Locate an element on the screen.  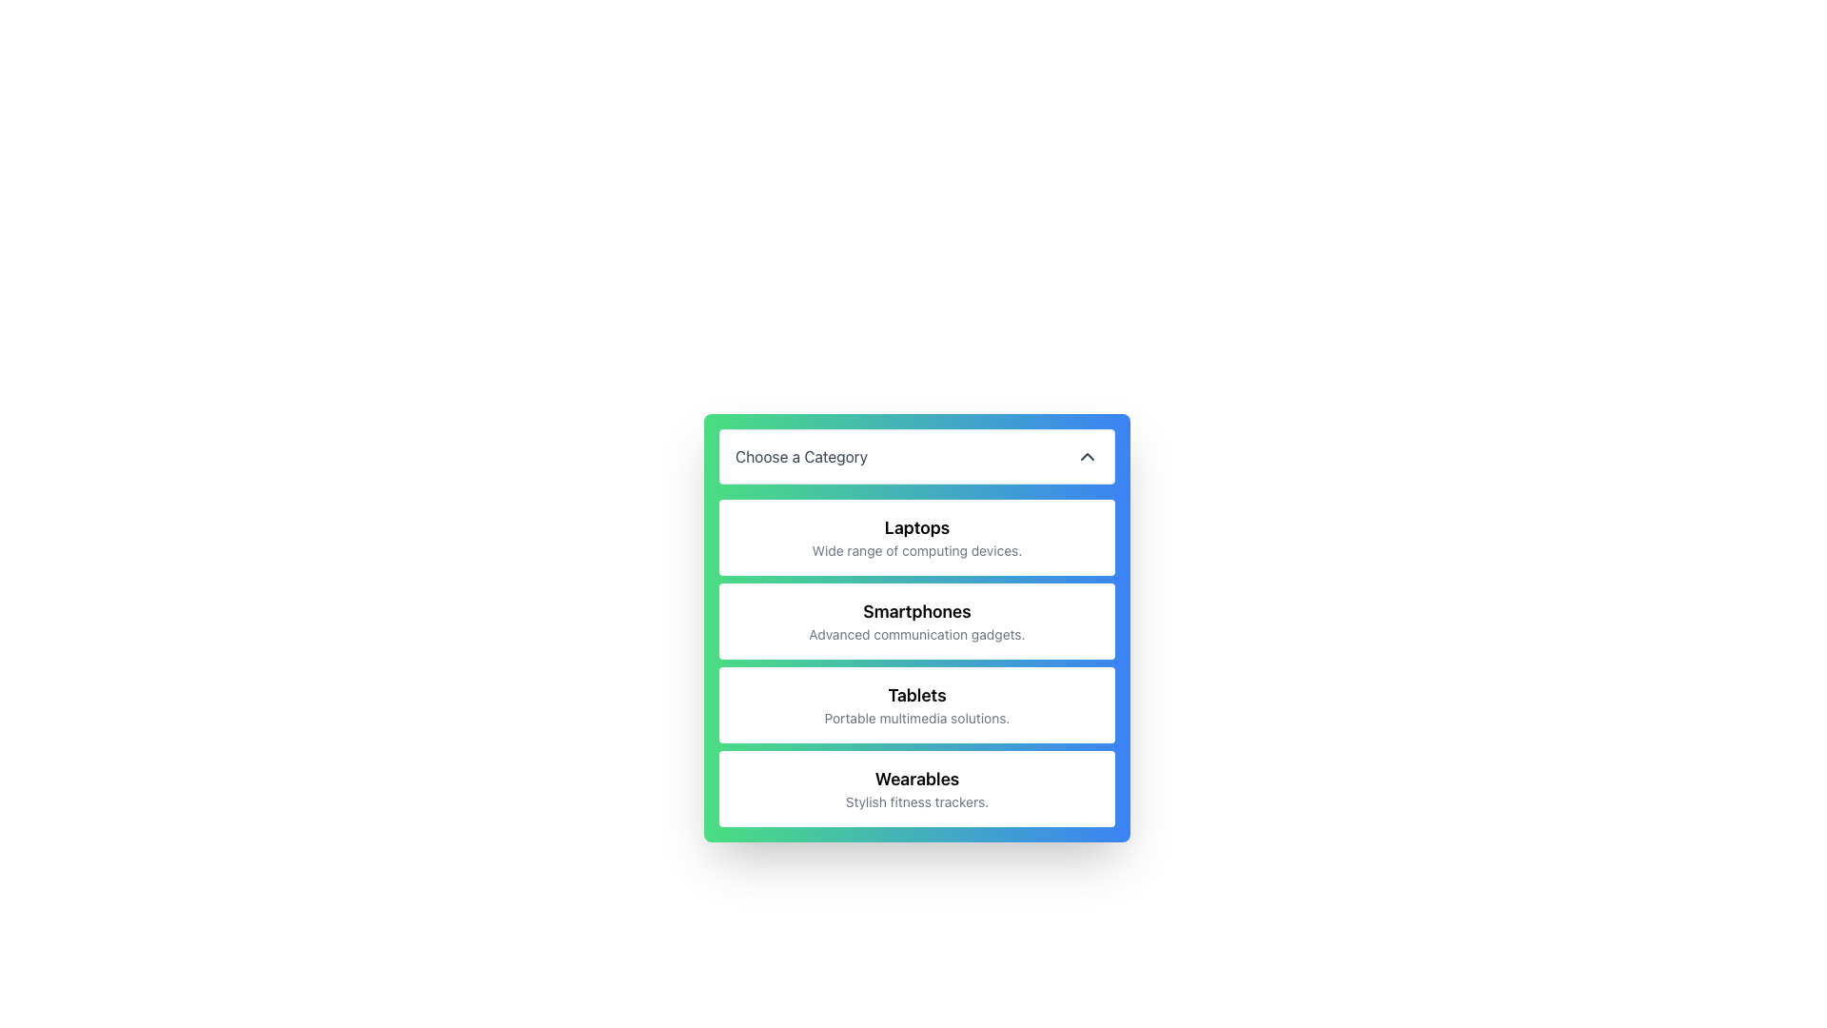
the chevron icon located at the far right side of the 'Choose a Category' button is located at coordinates (1087, 456).